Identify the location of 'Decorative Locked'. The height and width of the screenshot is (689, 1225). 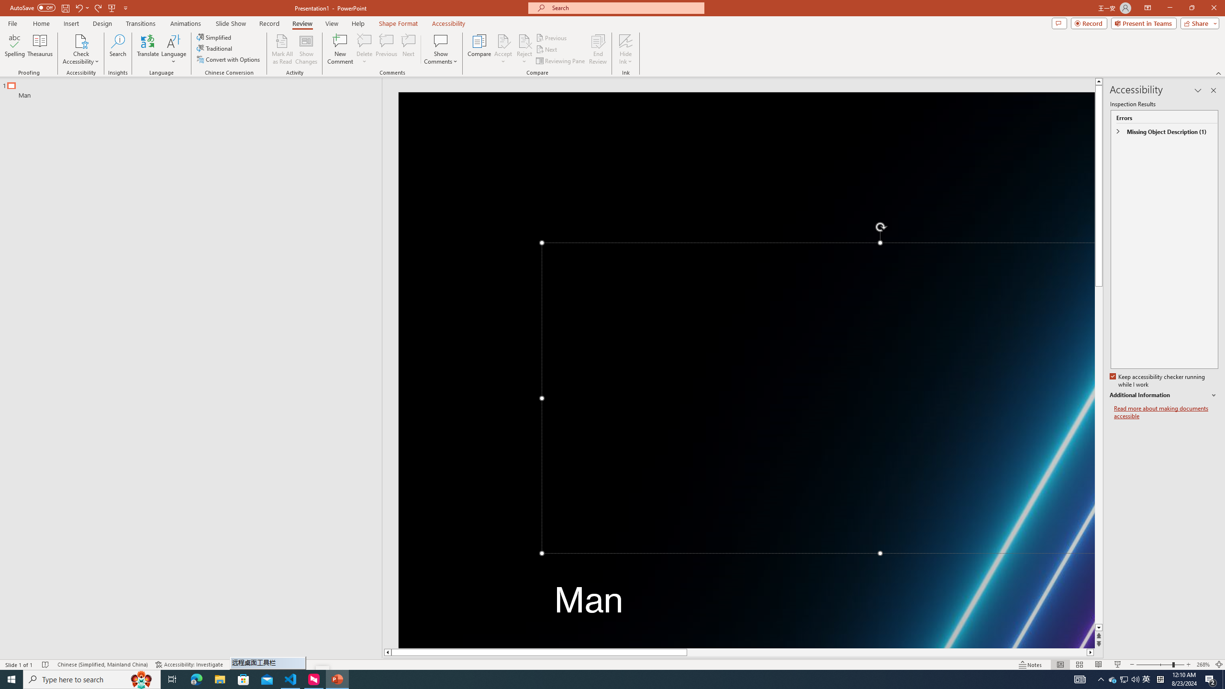
(746, 370).